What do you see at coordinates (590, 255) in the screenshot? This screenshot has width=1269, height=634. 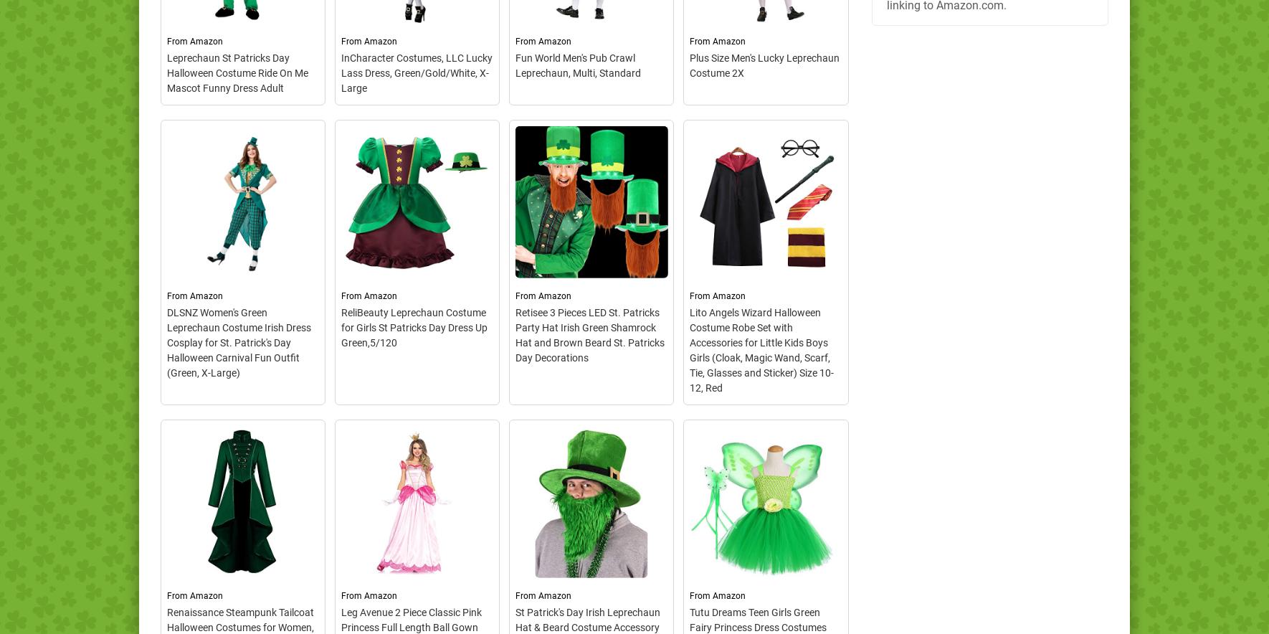 I see `'–   This costume includes a jacket, knickers, hat, and a bow tie. Does not include, shirt, necklace, pin-ons, ring, beer pitcher/gla.'` at bounding box center [590, 255].